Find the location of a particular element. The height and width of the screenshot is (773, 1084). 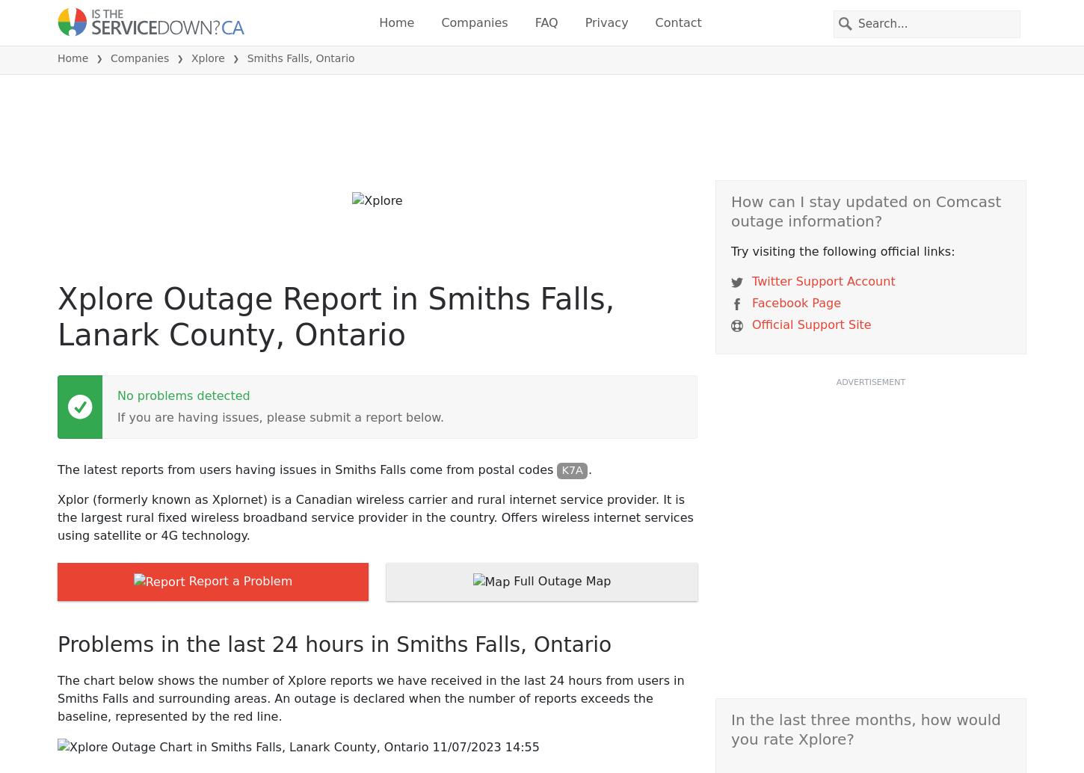

'@TheTobster111 Well I hope this doesn’t do anything to Starlink because it has changed our rural lives for the better. We only had xplornet which is the worst service' is located at coordinates (401, 724).